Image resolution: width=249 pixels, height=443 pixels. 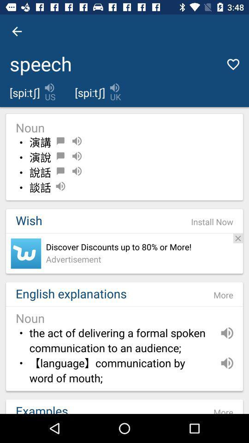 I want to click on the second message icon from top of the page, so click(x=60, y=156).